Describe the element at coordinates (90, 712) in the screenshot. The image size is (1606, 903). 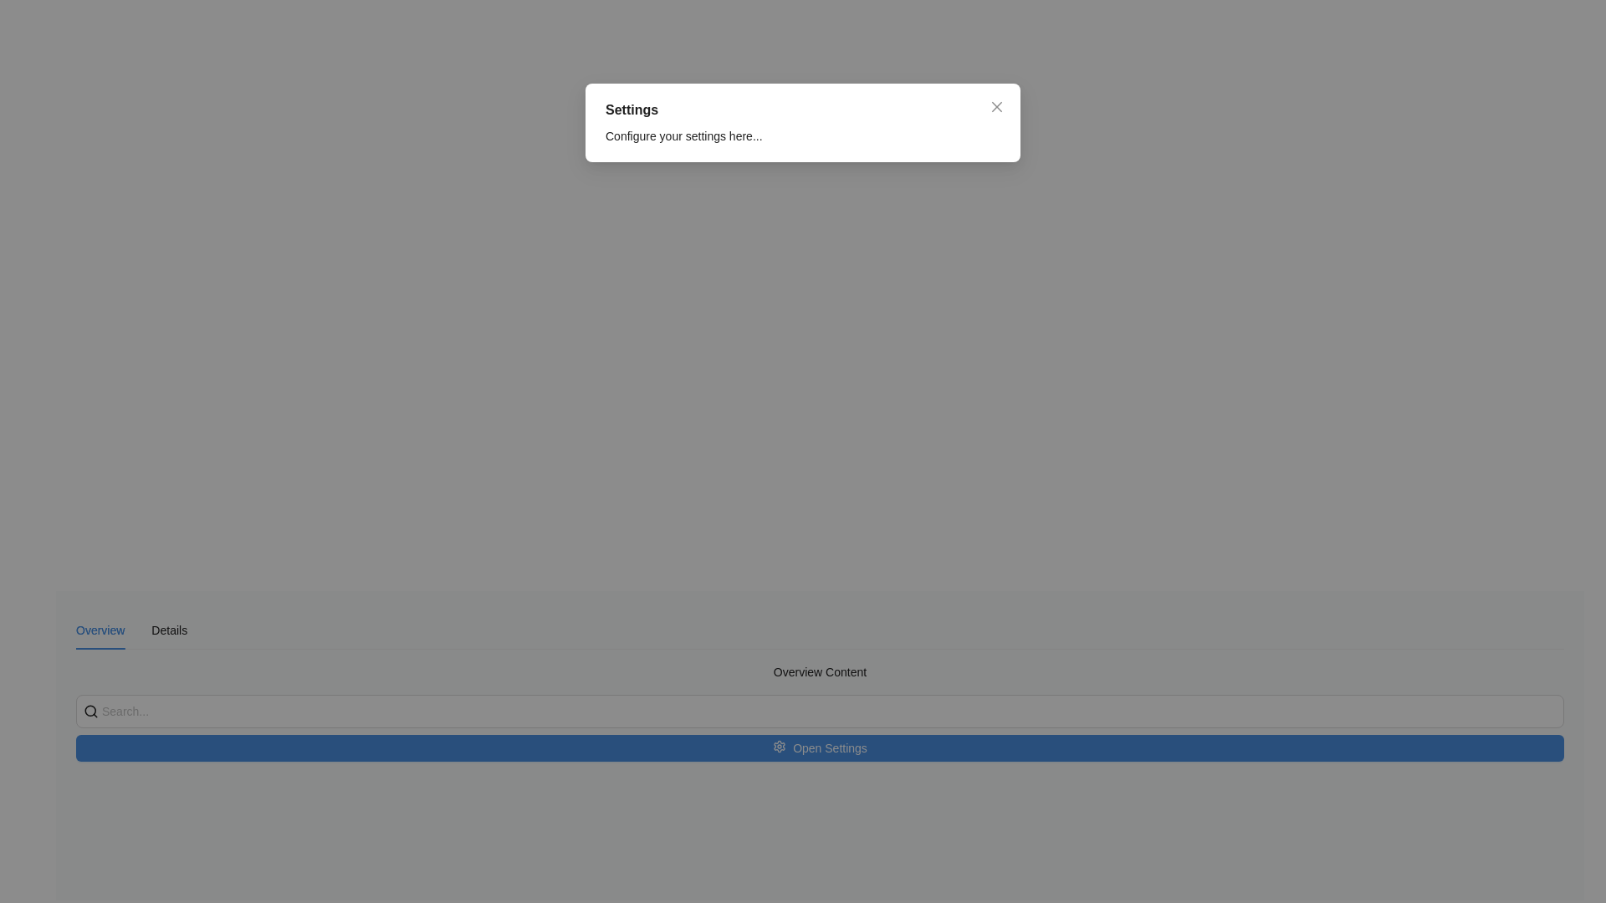
I see `the magnifying glass icon in the search bar` at that location.